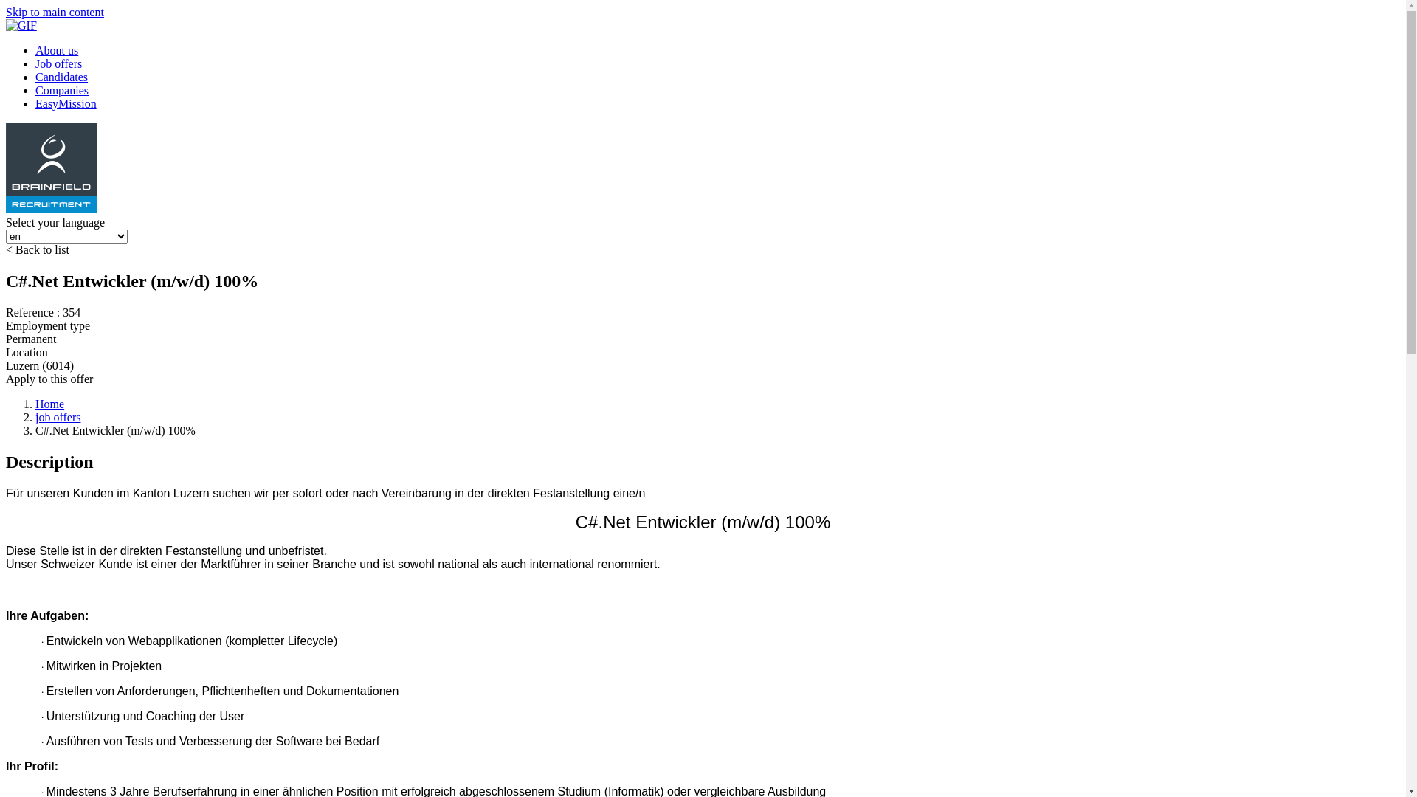 Image resolution: width=1417 pixels, height=797 pixels. I want to click on 'Companies', so click(61, 90).